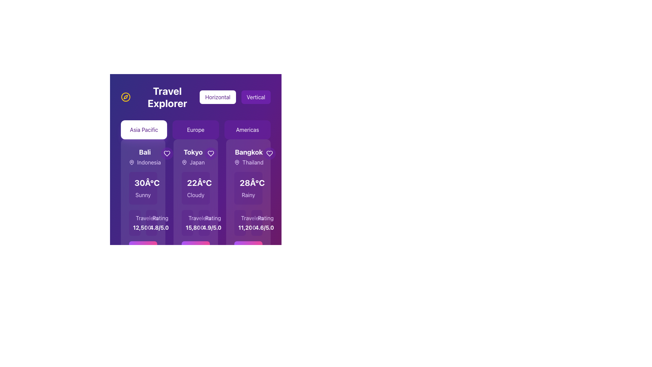  I want to click on the Weather Information Display element which shows '30°C' in bold white font and 'Sunny' in light purple font, located in the 'Bali Indonesia' section of the 'Asia Pacific' tab, so click(143, 188).